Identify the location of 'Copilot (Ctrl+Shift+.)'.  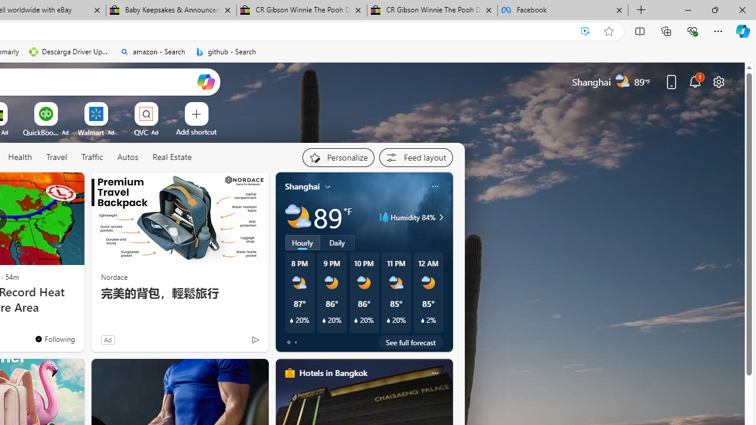
(742, 30).